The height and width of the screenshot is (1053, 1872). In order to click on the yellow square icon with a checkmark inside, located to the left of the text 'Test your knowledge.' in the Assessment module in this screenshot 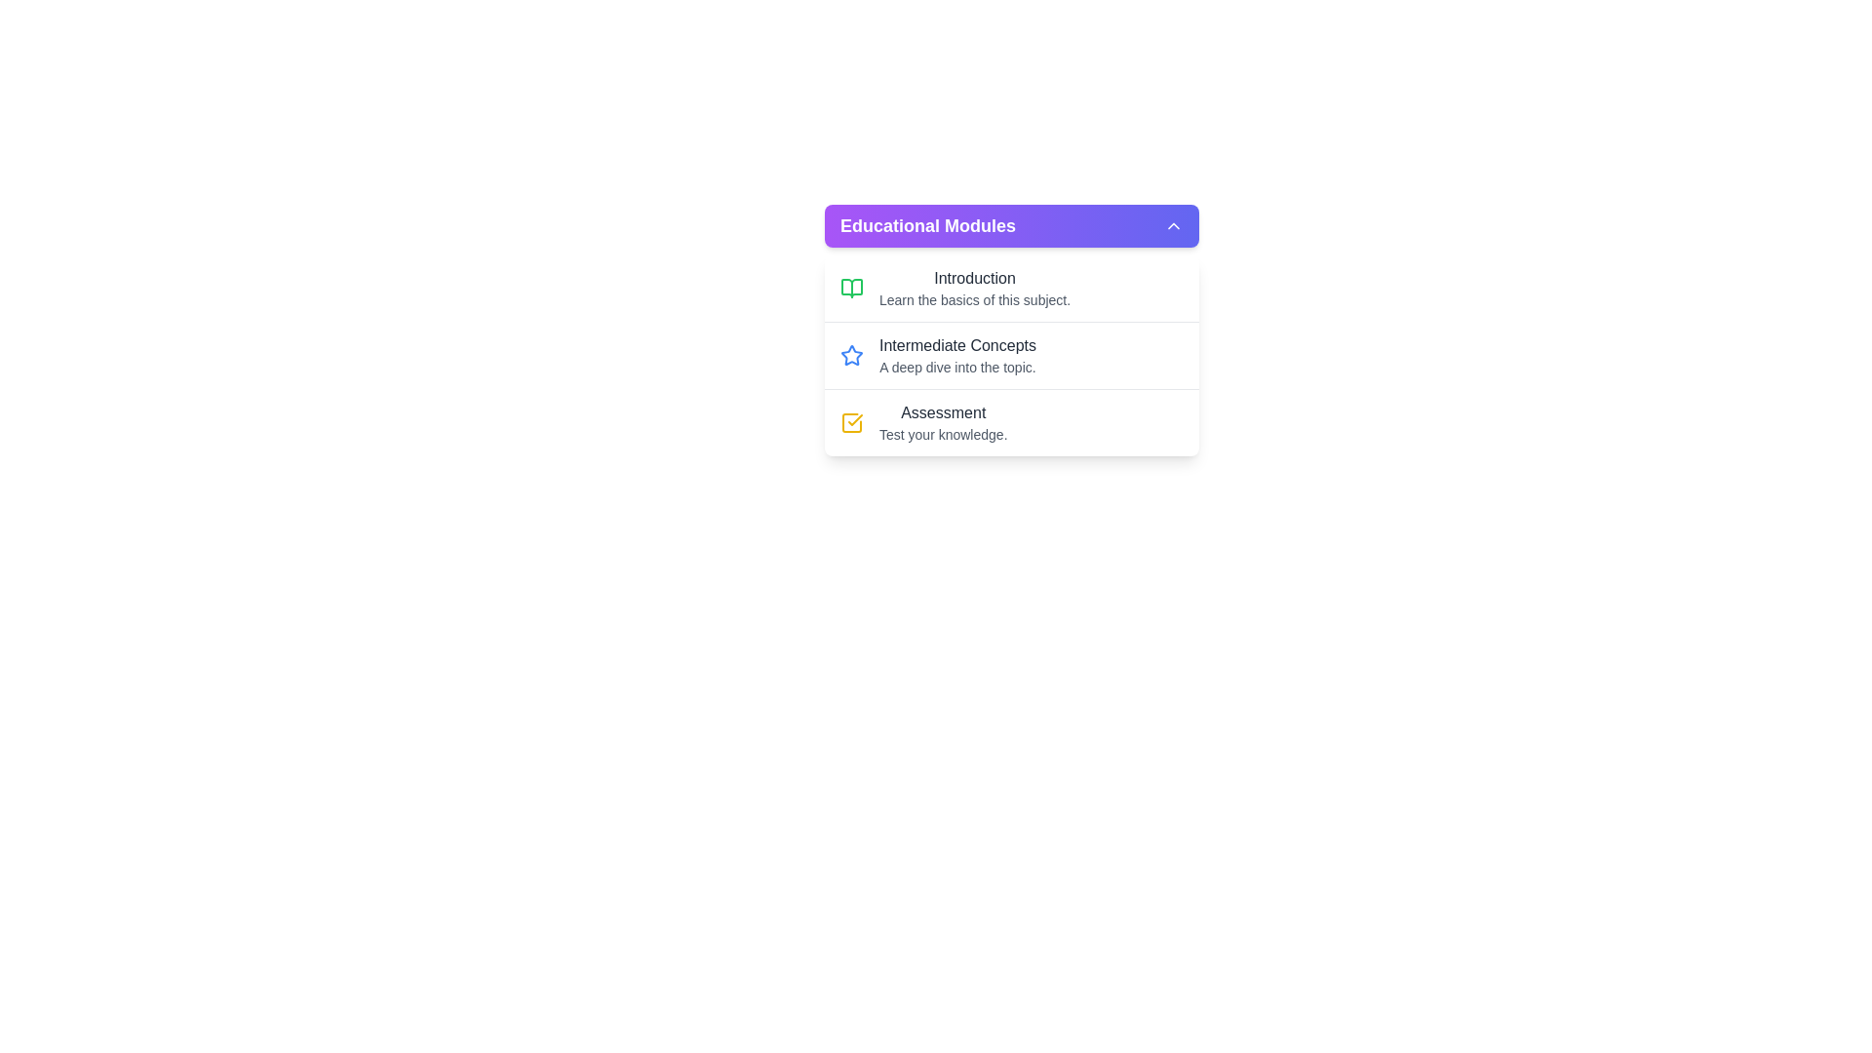, I will do `click(851, 422)`.